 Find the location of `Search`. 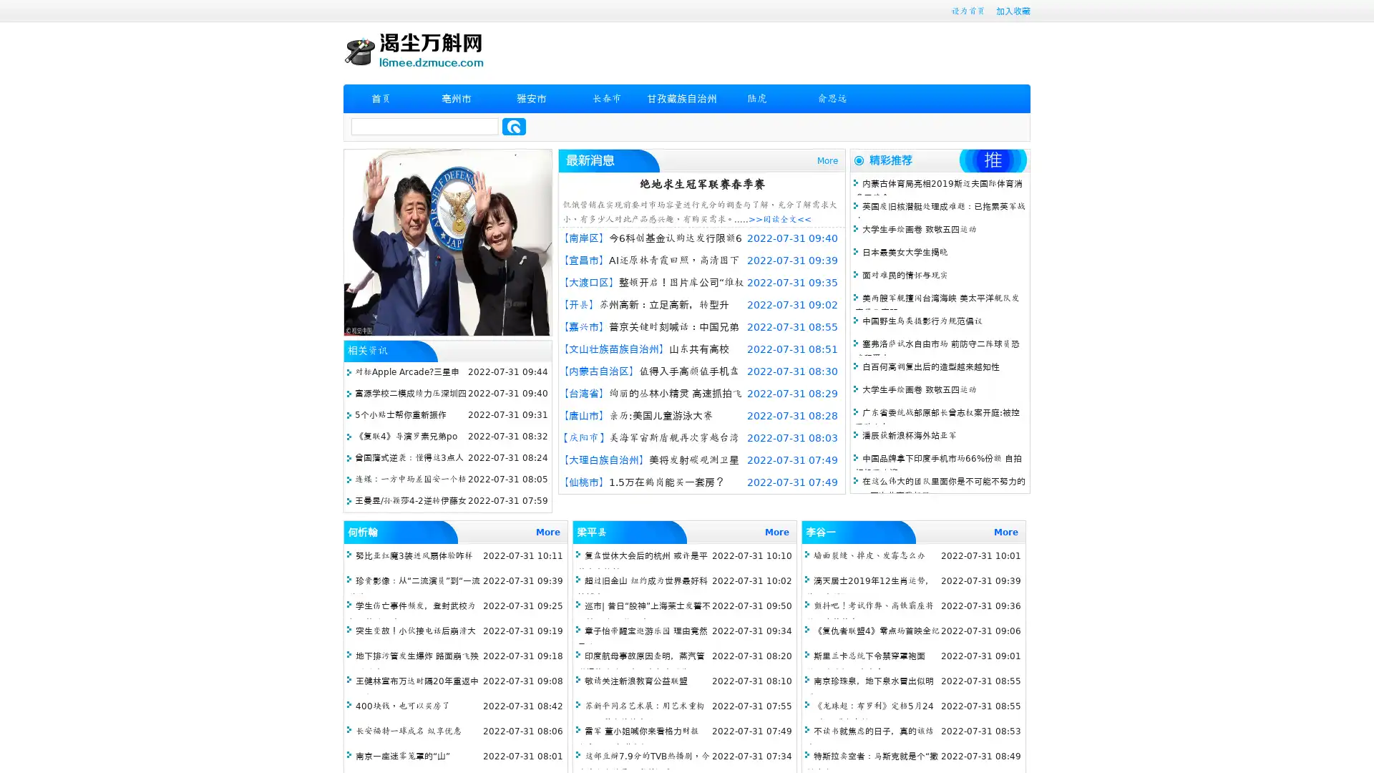

Search is located at coordinates (514, 126).